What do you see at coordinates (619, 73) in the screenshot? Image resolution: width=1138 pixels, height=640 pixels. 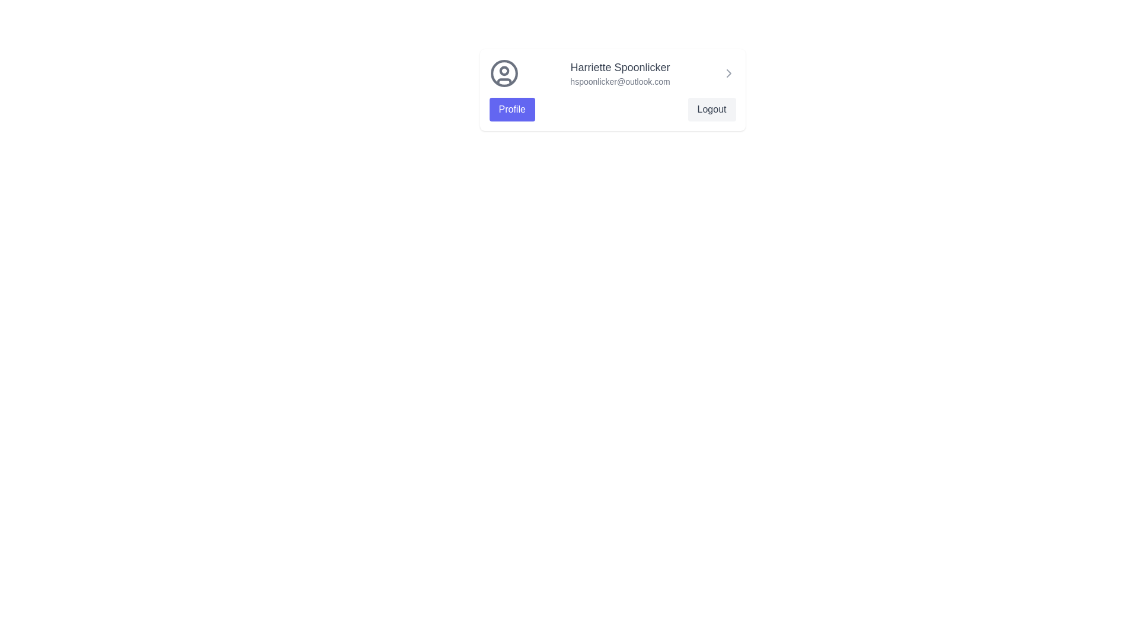 I see `the Text Display element that shows the name 'Harriette Spoonlicker' and the email 'hspoonlicker@outlook.com' in the user profile section near the top-right corner of the interface` at bounding box center [619, 73].